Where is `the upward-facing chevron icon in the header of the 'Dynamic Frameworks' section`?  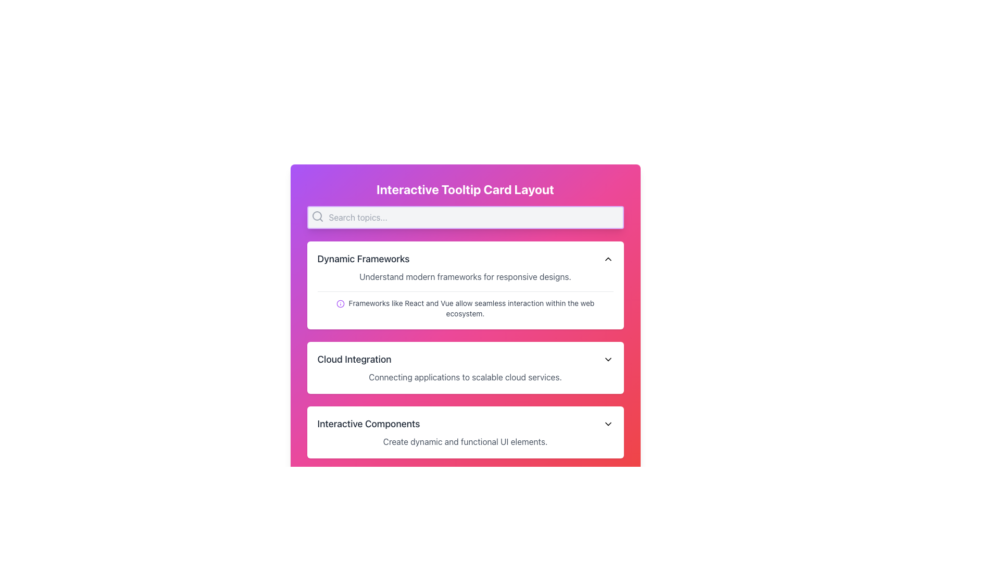
the upward-facing chevron icon in the header of the 'Dynamic Frameworks' section is located at coordinates (608, 258).